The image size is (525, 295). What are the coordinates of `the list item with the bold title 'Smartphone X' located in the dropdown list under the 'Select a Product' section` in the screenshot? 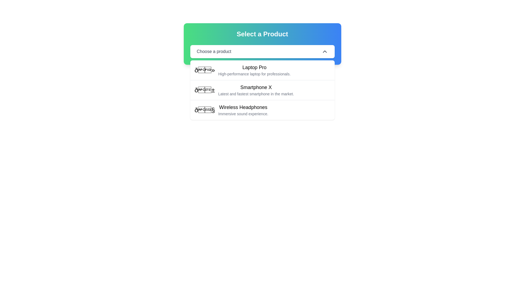 It's located at (262, 90).